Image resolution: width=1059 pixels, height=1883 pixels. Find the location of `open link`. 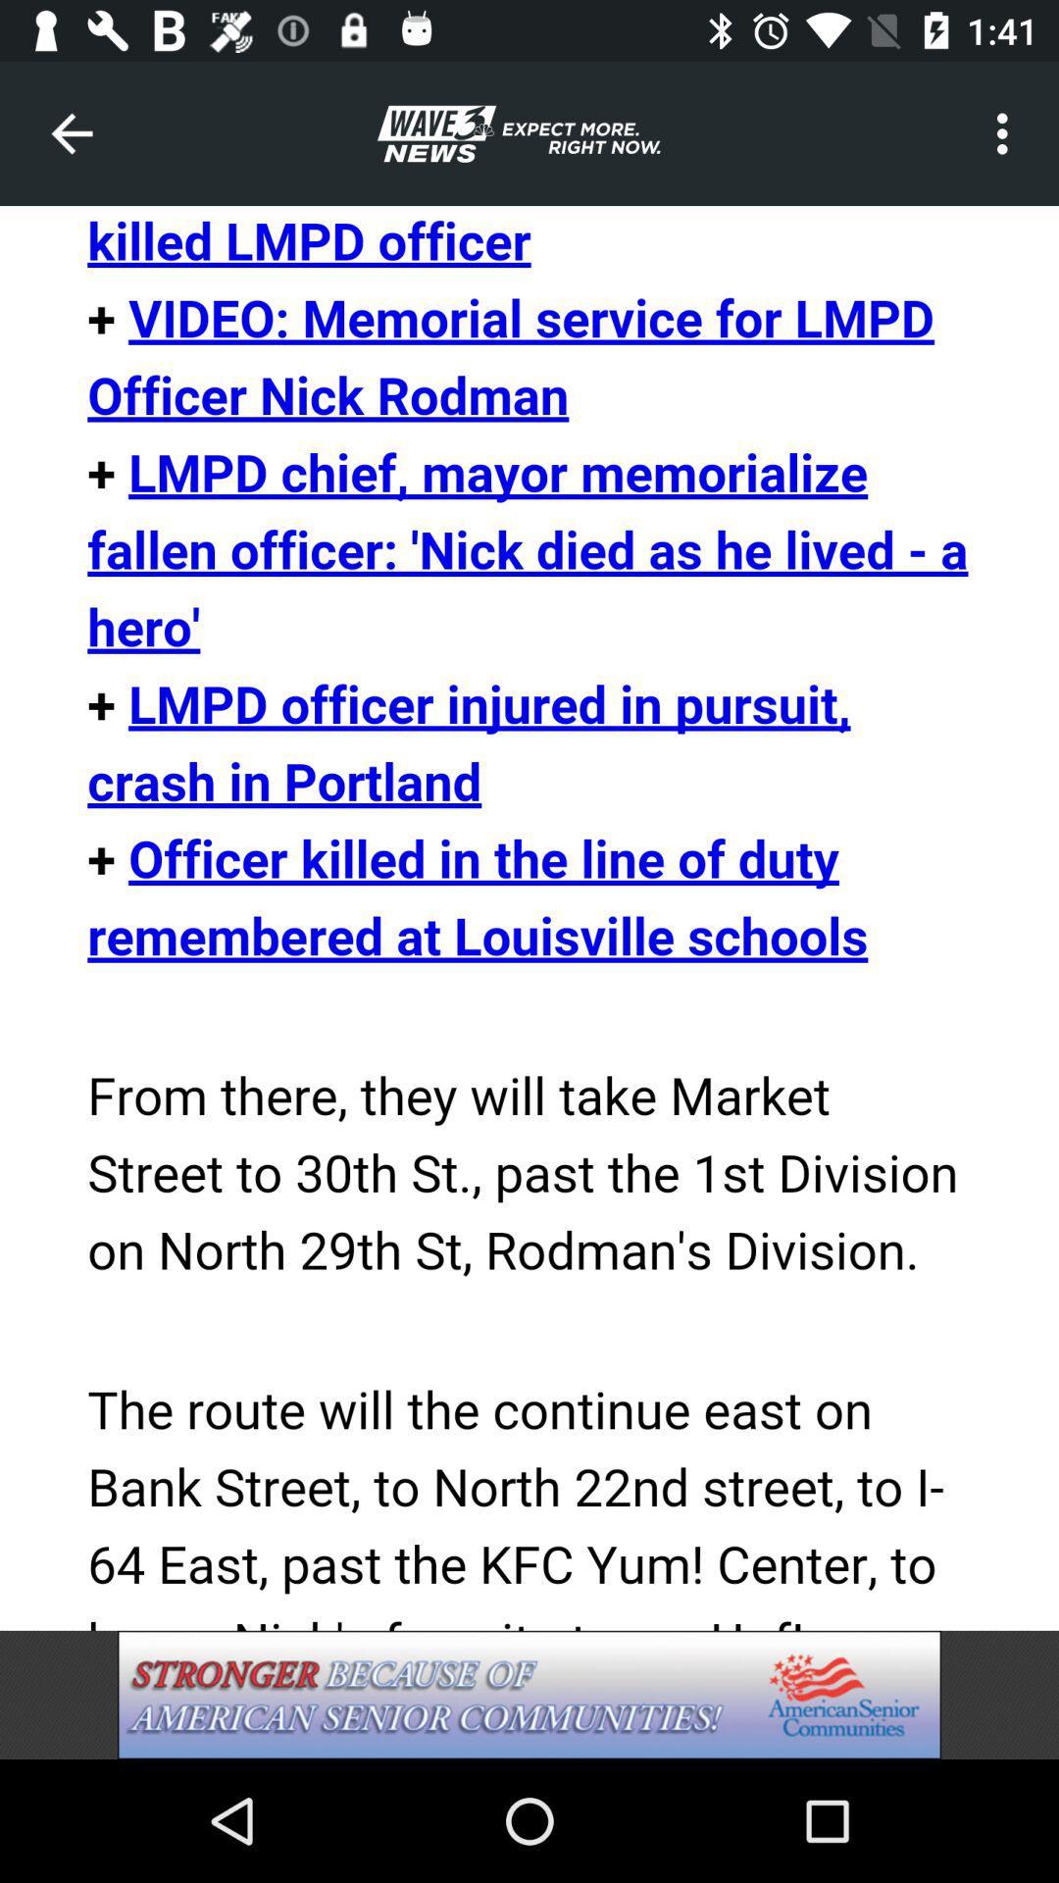

open link is located at coordinates (529, 917).